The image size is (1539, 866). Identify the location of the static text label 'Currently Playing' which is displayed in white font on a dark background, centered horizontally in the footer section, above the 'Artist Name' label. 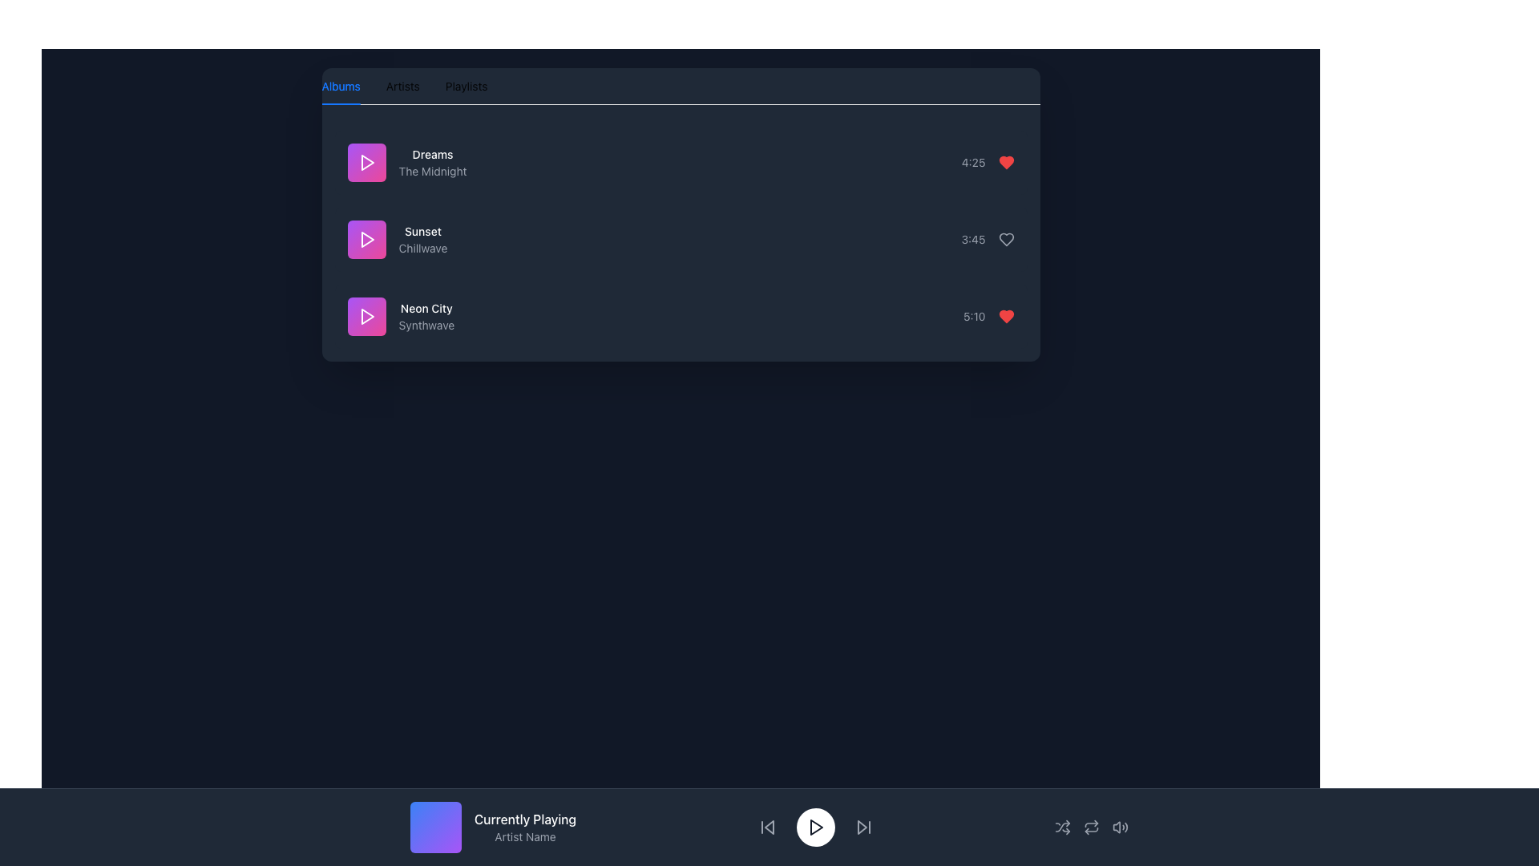
(525, 819).